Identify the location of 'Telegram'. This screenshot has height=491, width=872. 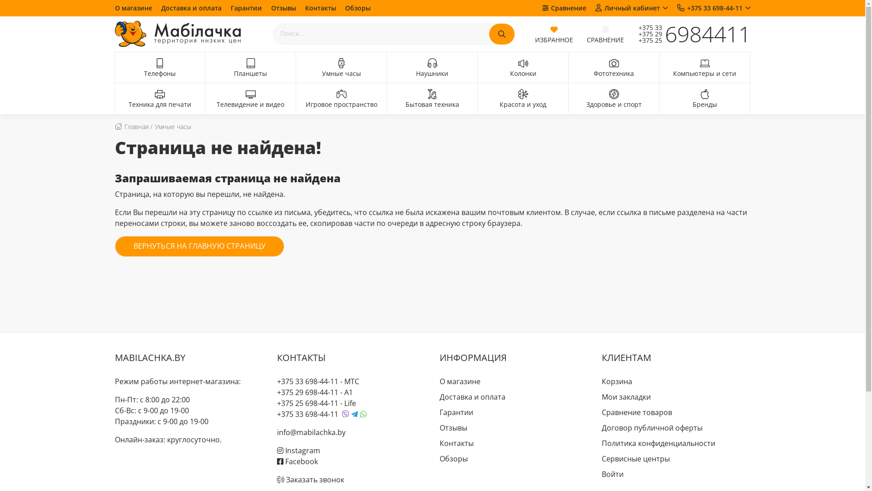
(354, 414).